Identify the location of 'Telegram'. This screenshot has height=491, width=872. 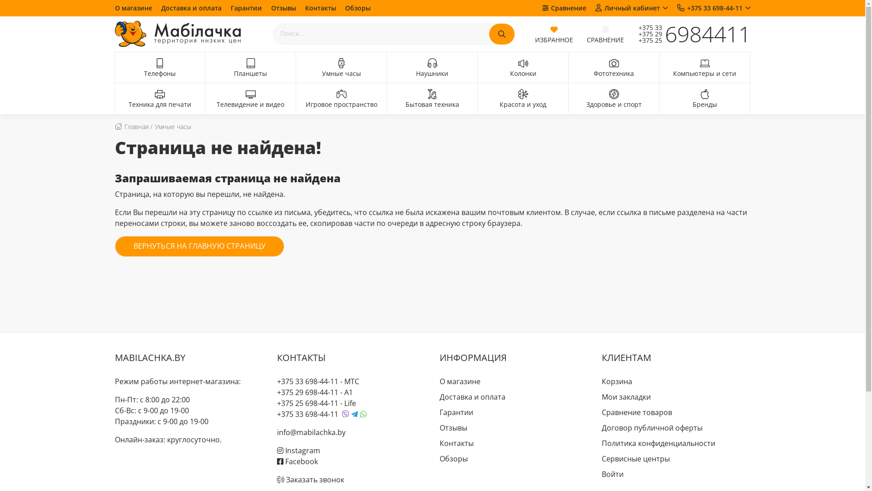
(354, 414).